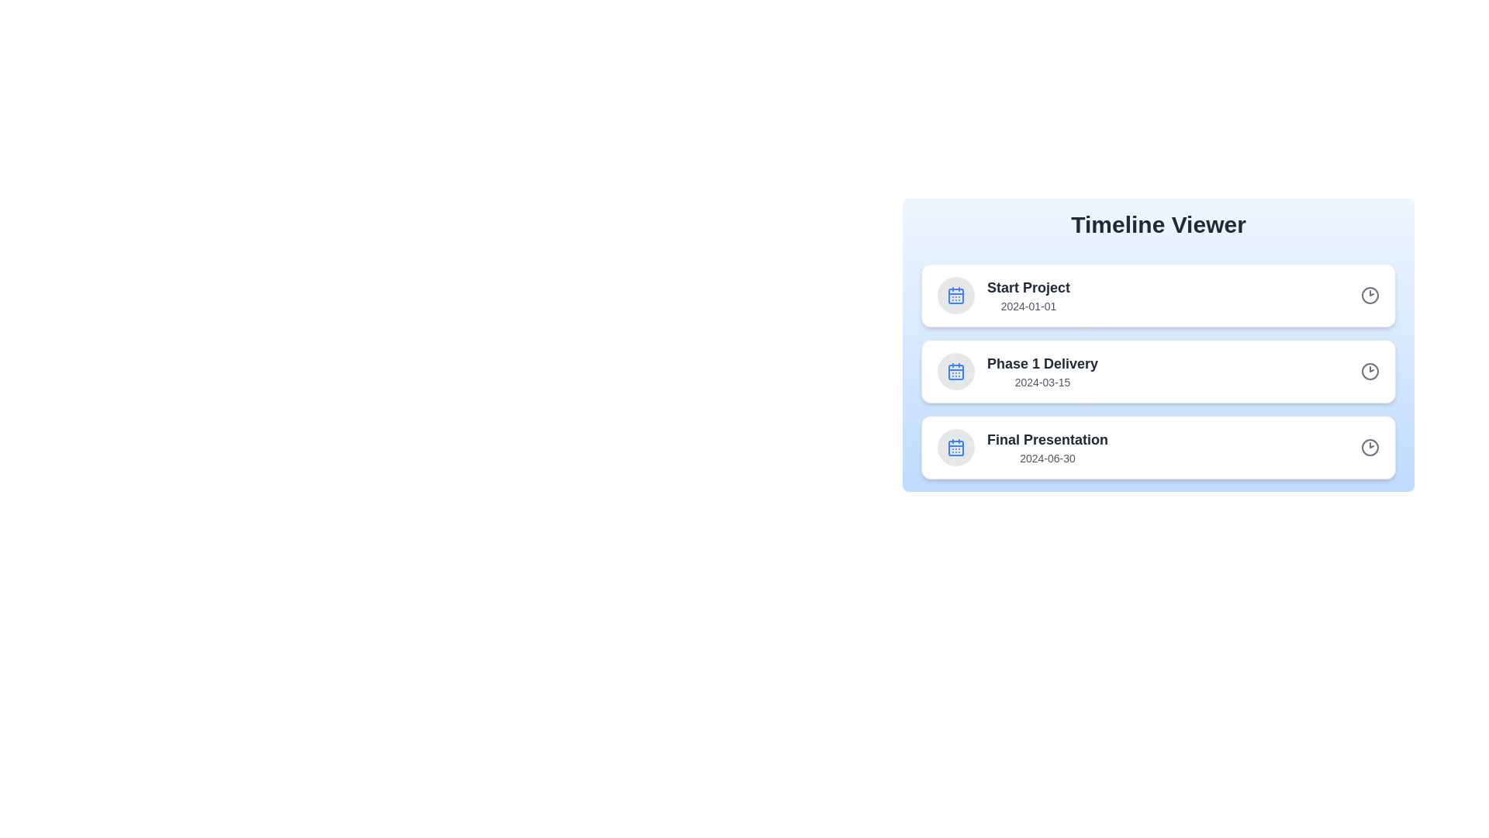  I want to click on and copy the text content from the text block titled 'Phase 1 Delivery' with the date '2024-03-15', located in the center part of the timeline viewer, between 'Start Project' and 'Final Presentation', so click(1042, 371).